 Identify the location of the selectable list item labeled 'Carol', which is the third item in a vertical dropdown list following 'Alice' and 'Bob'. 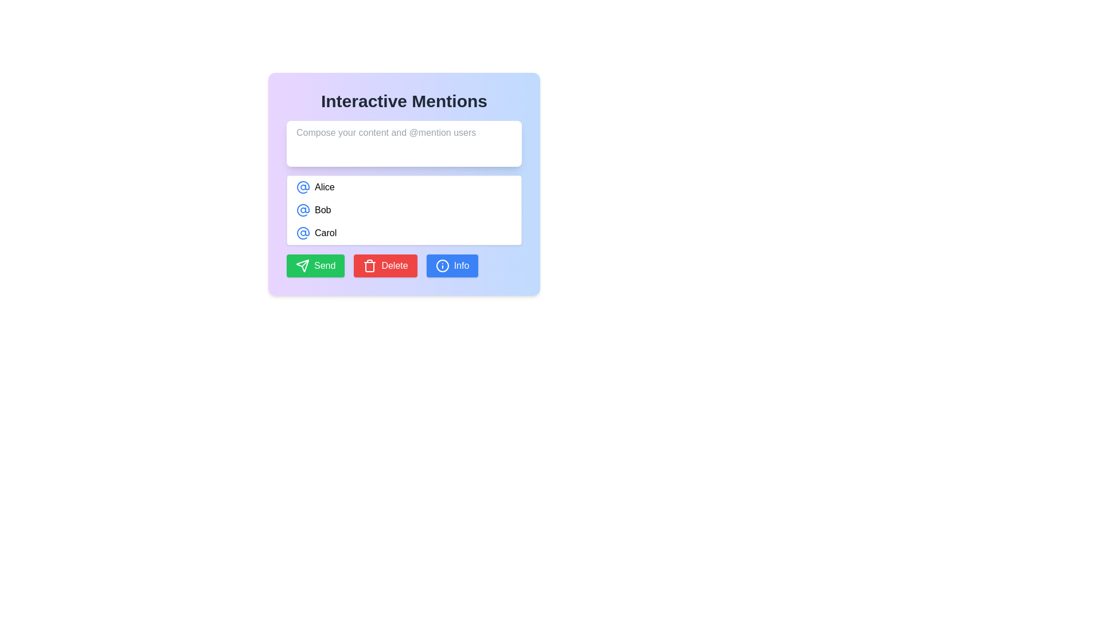
(404, 233).